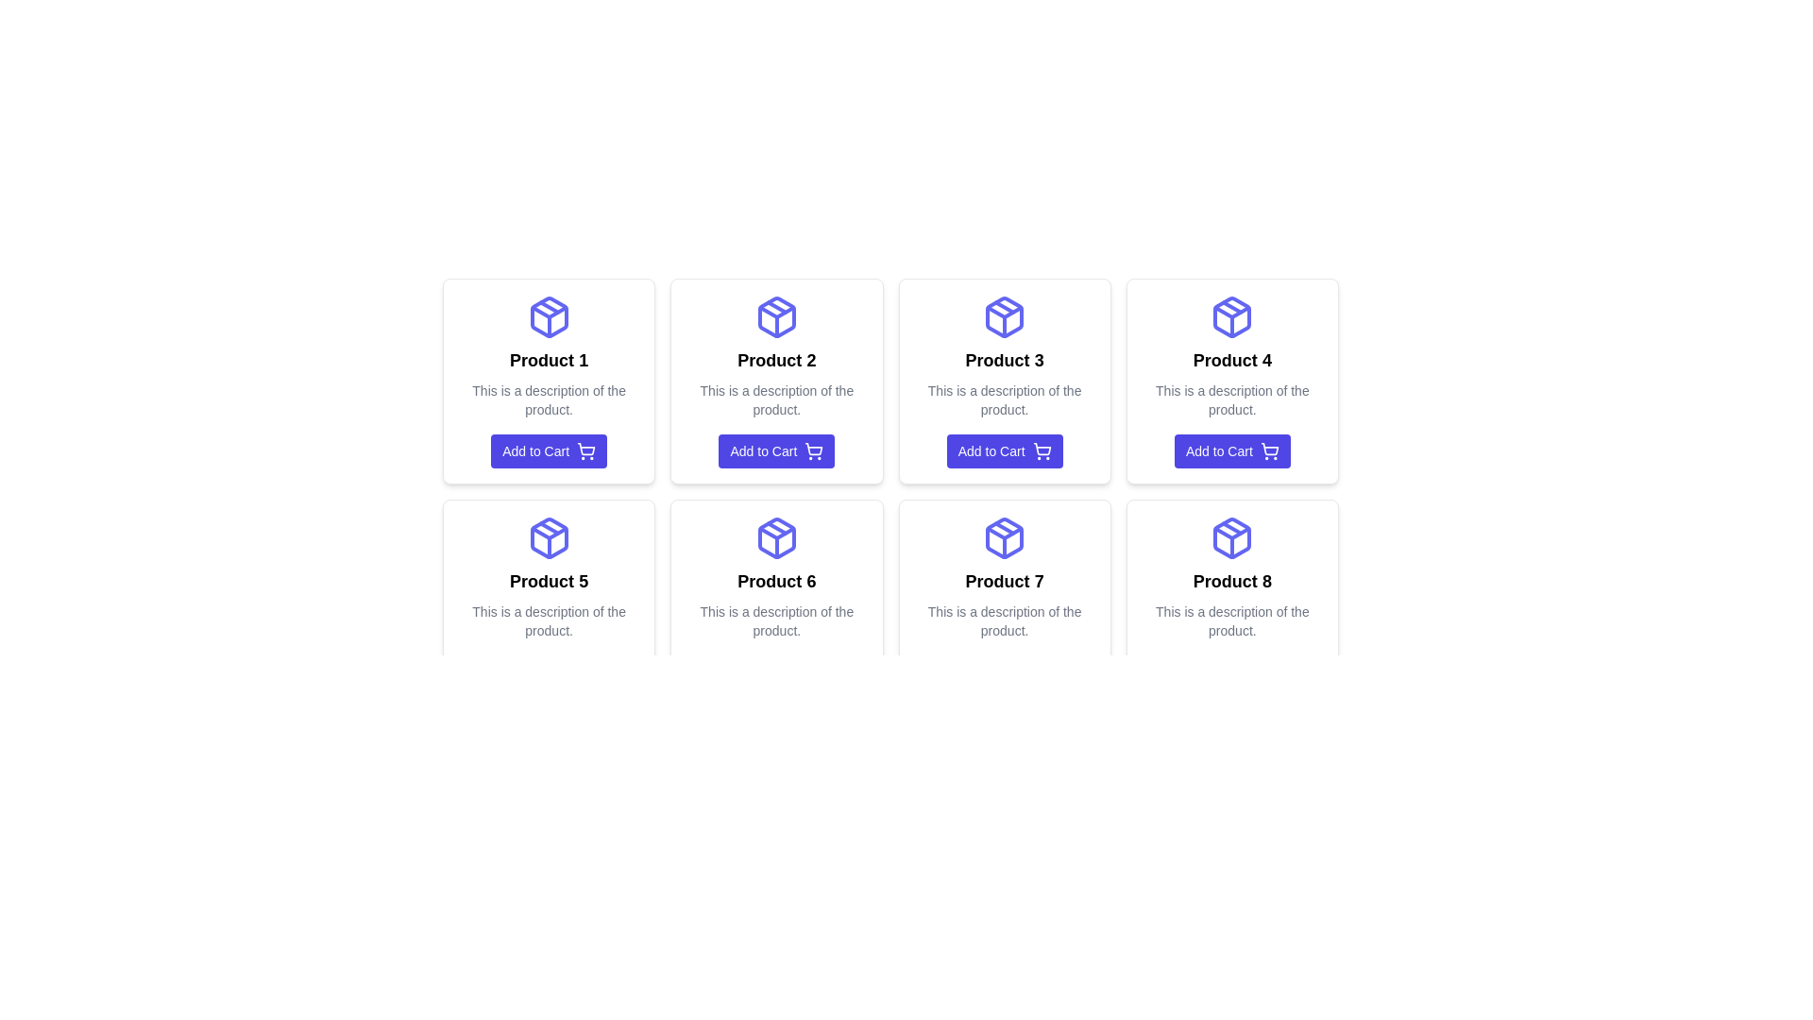 The image size is (1813, 1020). I want to click on the Decorative Icon representing the product in 'Product 4', located at the top center of the card above the product name, so click(1232, 315).